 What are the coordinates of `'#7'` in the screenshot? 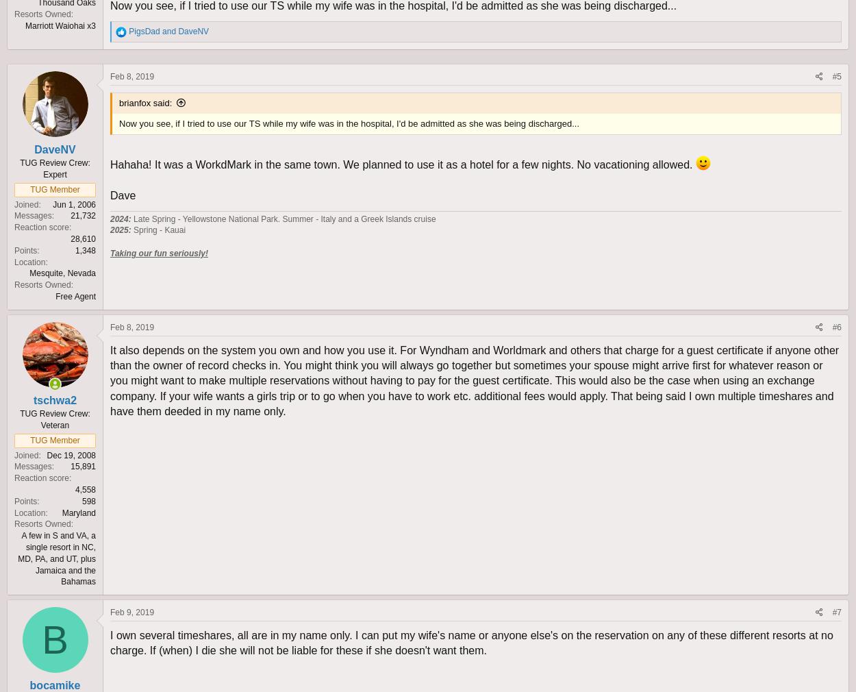 It's located at (836, 612).